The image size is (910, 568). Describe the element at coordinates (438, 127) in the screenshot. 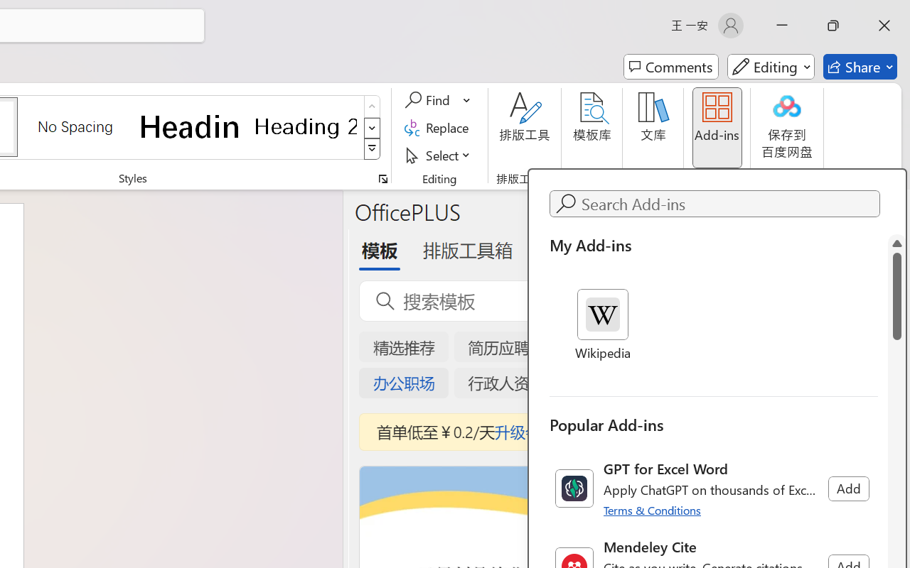

I see `'Replace...'` at that location.